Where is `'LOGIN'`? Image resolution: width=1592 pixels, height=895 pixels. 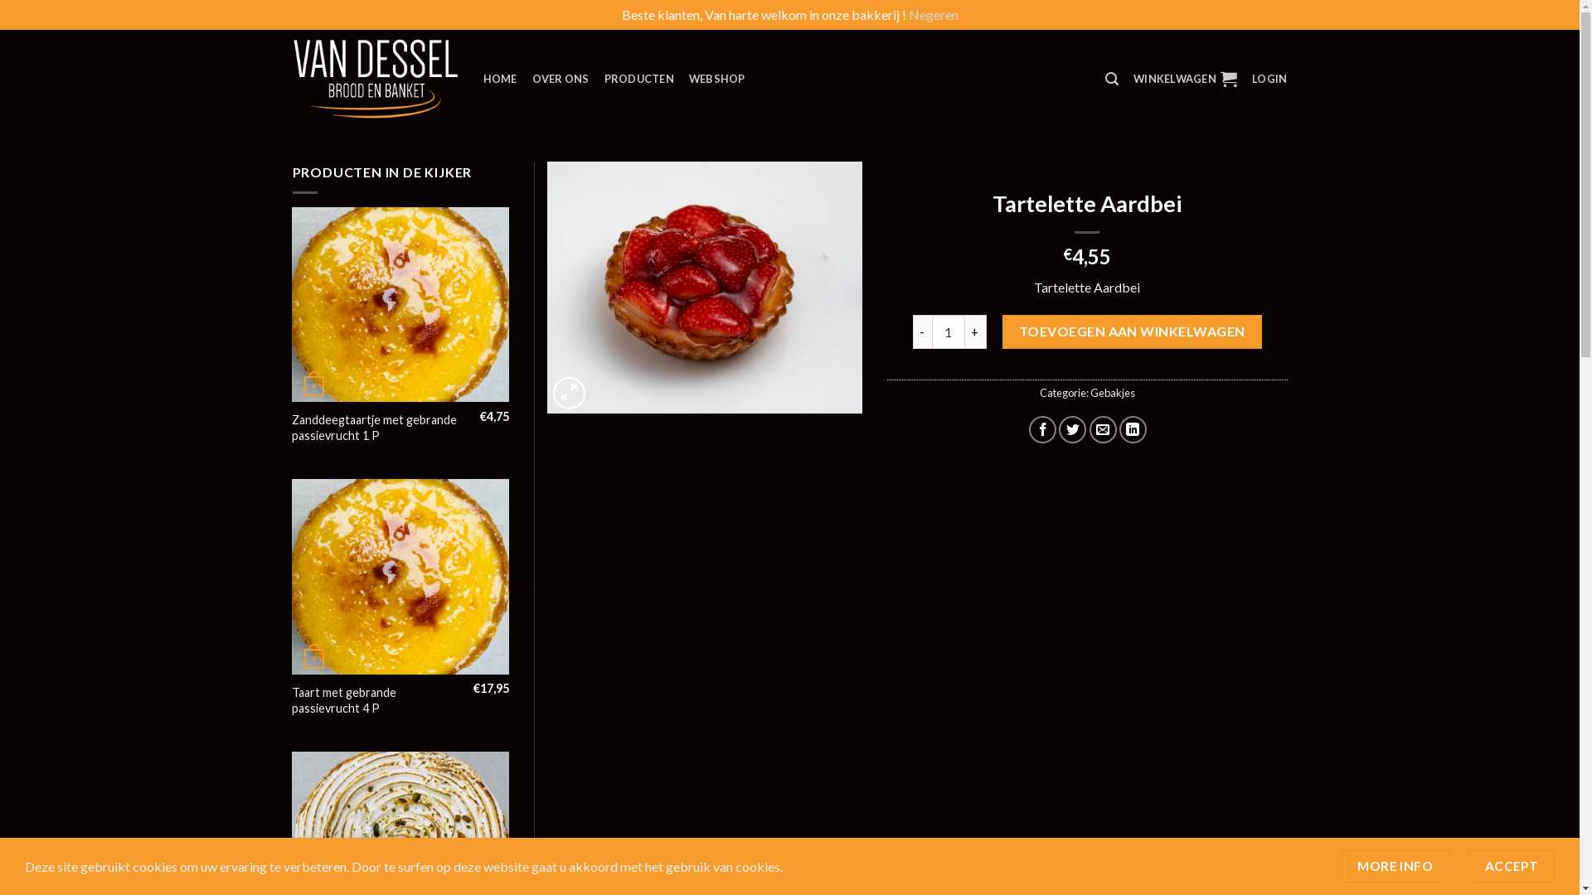
'LOGIN' is located at coordinates (1269, 79).